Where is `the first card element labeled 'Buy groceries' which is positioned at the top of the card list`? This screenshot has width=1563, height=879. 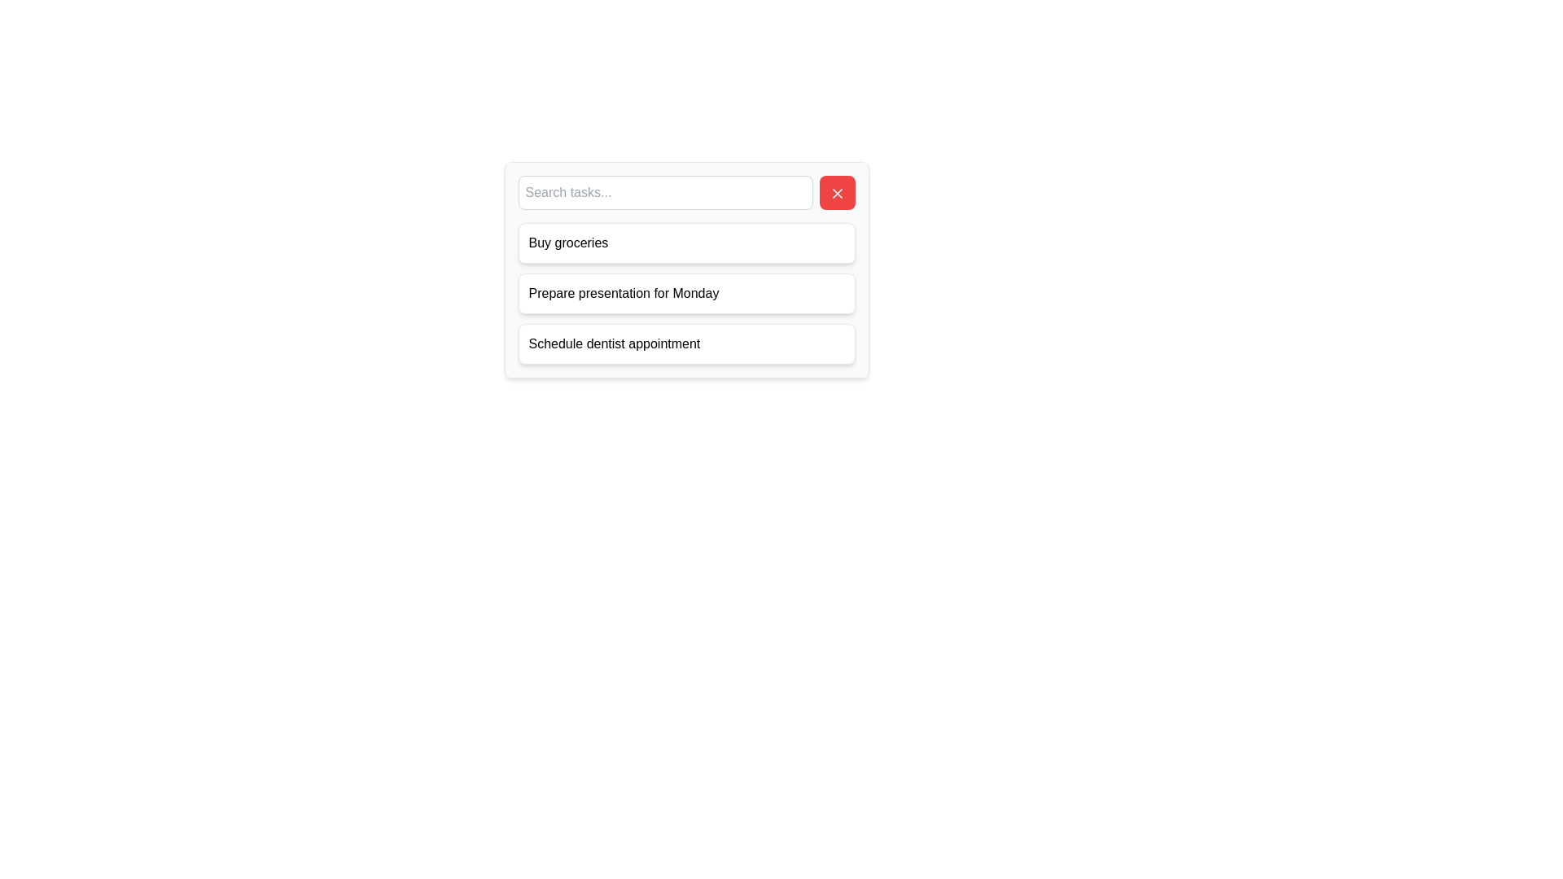
the first card element labeled 'Buy groceries' which is positioned at the top of the card list is located at coordinates (686, 243).